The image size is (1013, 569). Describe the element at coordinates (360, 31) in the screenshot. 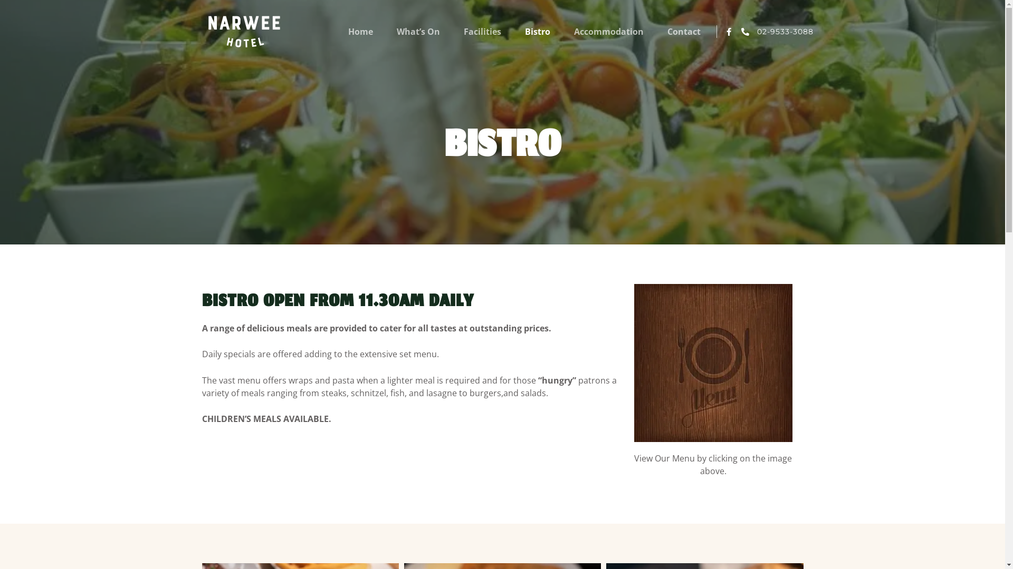

I see `'Home'` at that location.